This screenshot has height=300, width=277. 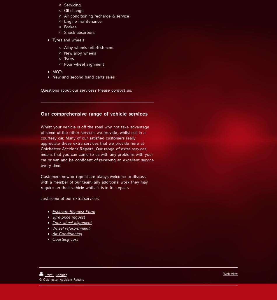 I want to click on 'Tyres', so click(x=64, y=58).